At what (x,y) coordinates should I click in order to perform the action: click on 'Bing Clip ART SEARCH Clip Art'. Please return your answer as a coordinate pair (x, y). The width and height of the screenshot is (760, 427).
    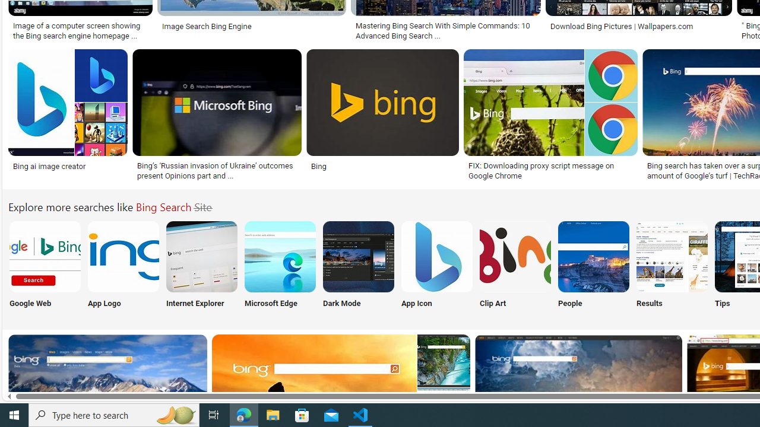
    Looking at the image, I should click on (515, 267).